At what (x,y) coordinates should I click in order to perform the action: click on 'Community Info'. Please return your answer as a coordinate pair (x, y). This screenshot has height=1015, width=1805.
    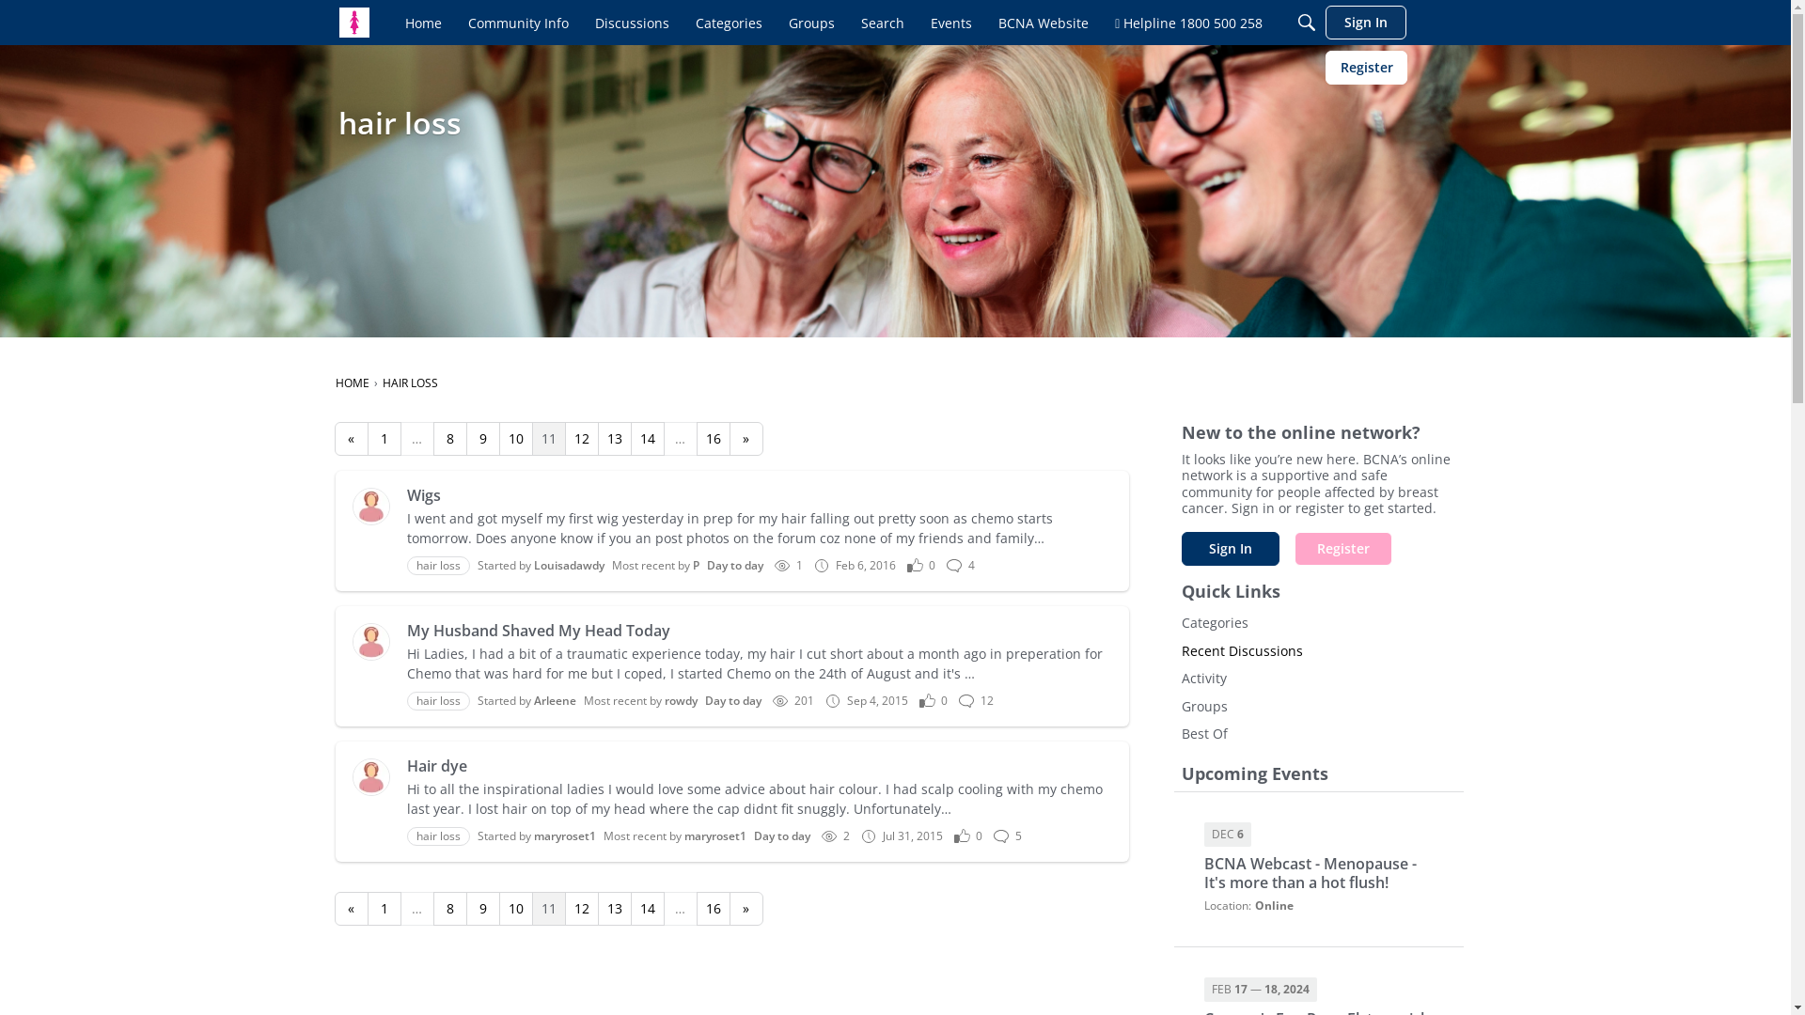
    Looking at the image, I should click on (518, 22).